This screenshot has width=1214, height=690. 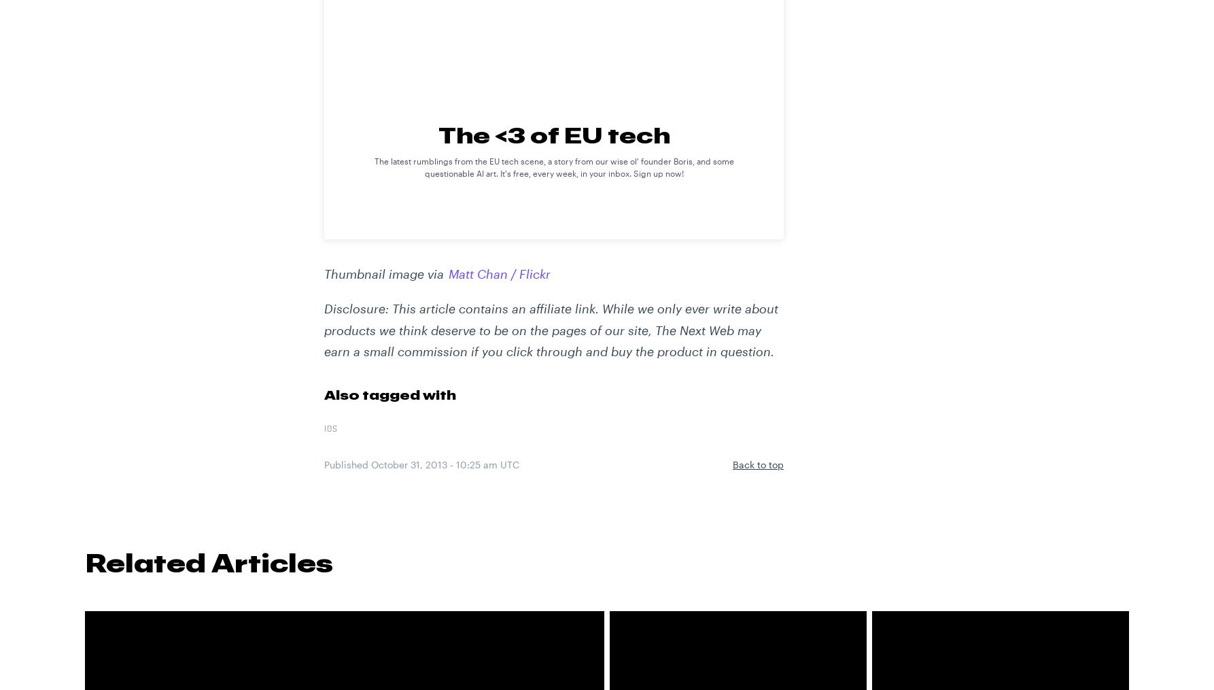 What do you see at coordinates (330, 428) in the screenshot?
I see `'iOS'` at bounding box center [330, 428].